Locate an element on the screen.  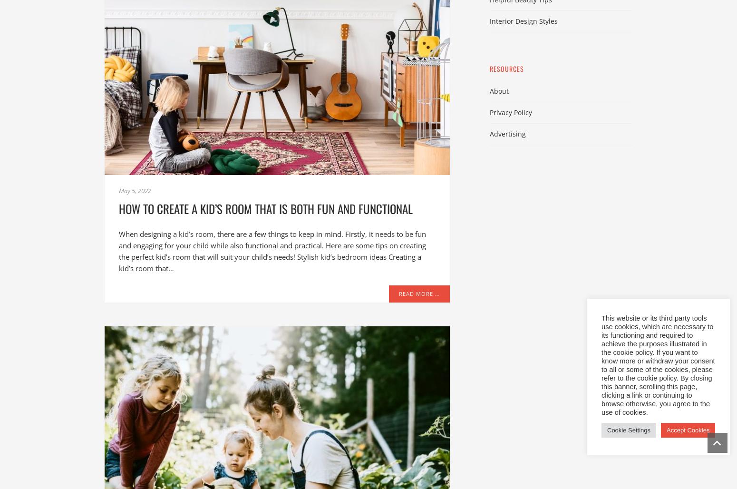
'Privacy Policy' is located at coordinates (489, 111).